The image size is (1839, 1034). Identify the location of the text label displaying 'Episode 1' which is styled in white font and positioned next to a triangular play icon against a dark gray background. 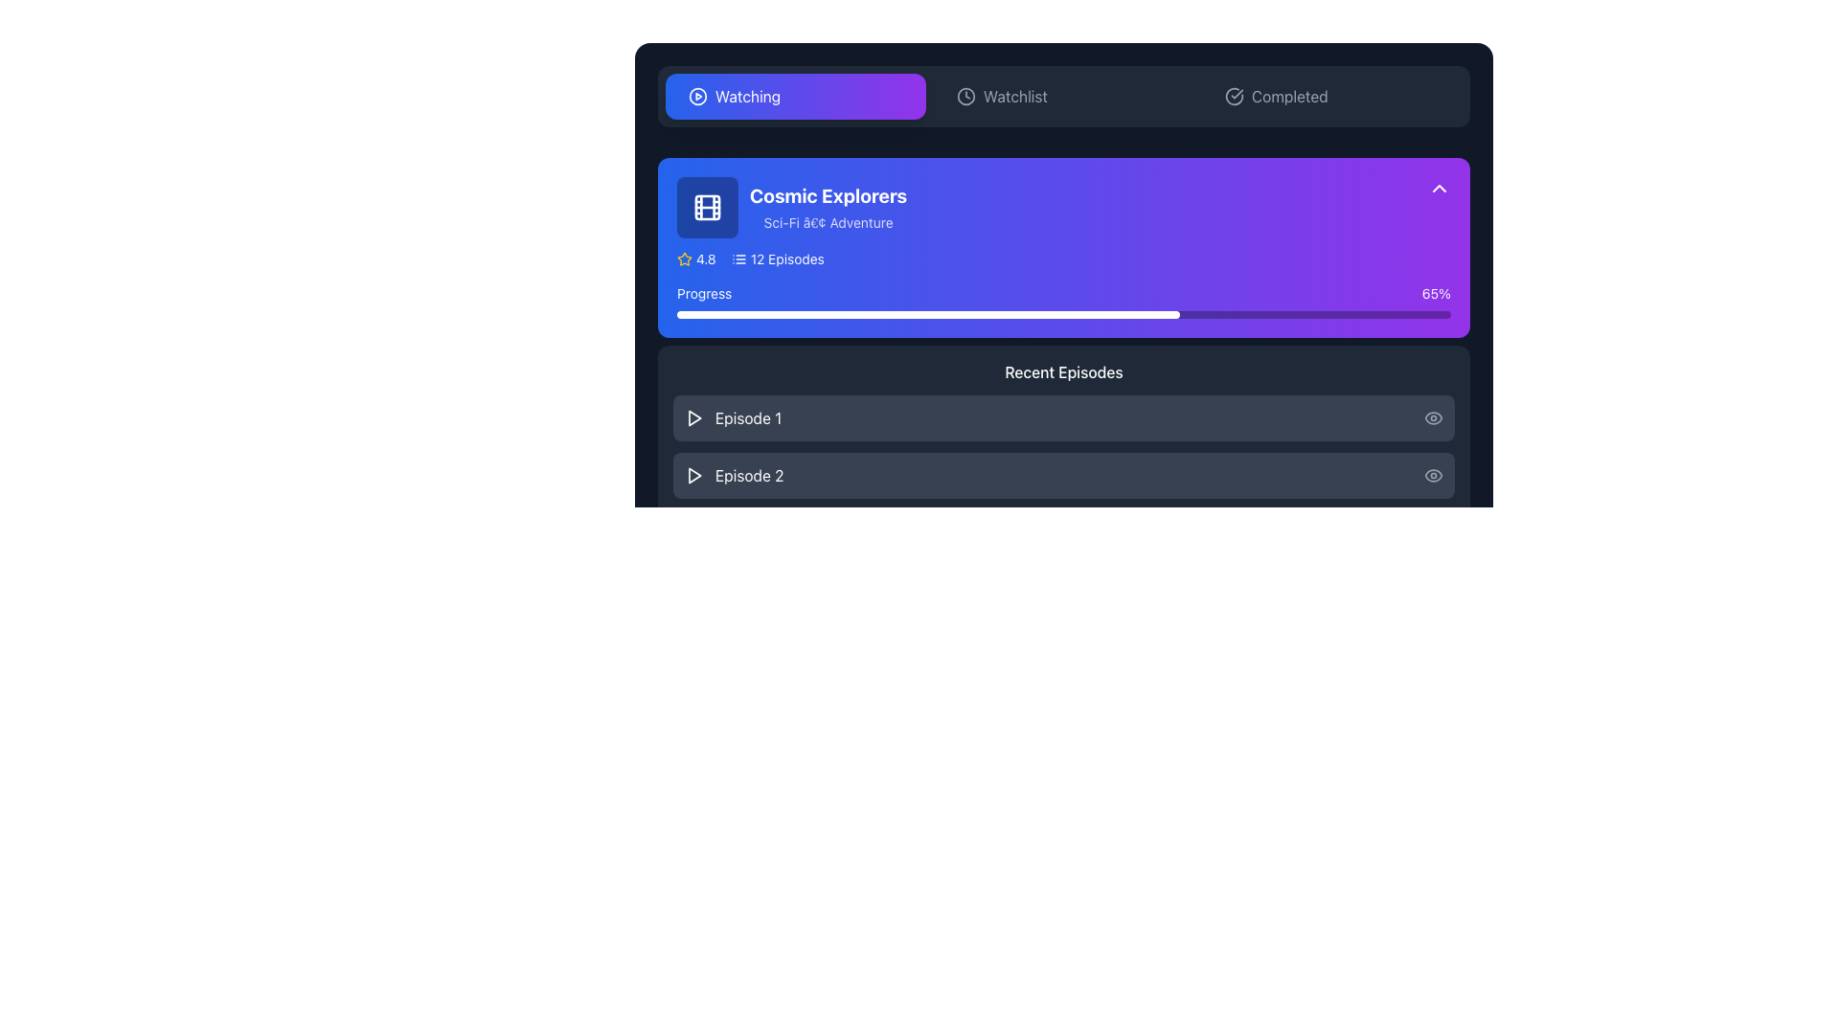
(732, 416).